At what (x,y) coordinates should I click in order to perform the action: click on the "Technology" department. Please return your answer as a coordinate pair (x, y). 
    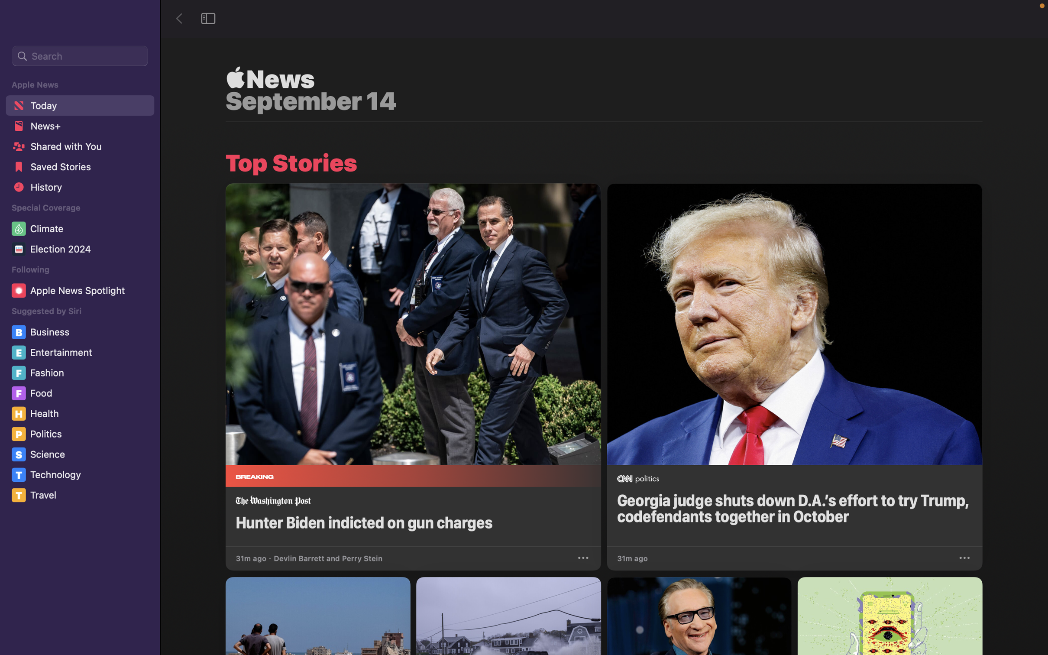
    Looking at the image, I should click on (81, 475).